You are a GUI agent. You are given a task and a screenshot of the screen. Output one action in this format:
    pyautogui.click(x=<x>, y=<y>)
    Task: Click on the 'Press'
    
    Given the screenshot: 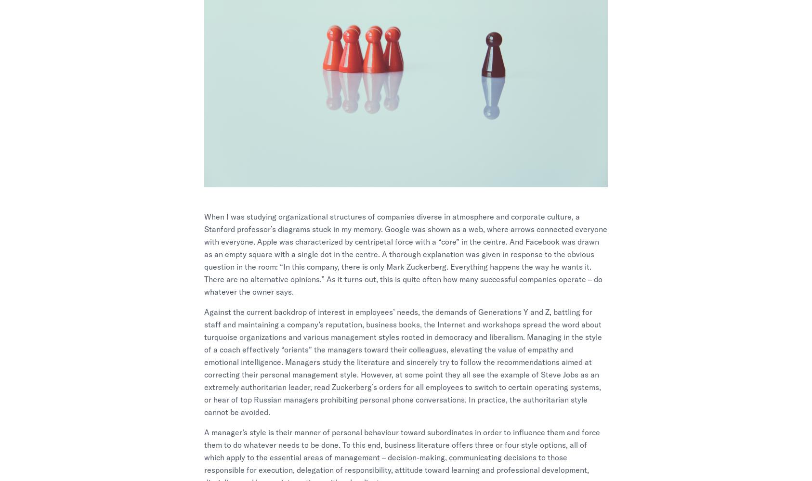 What is the action you would take?
    pyautogui.click(x=530, y=354)
    